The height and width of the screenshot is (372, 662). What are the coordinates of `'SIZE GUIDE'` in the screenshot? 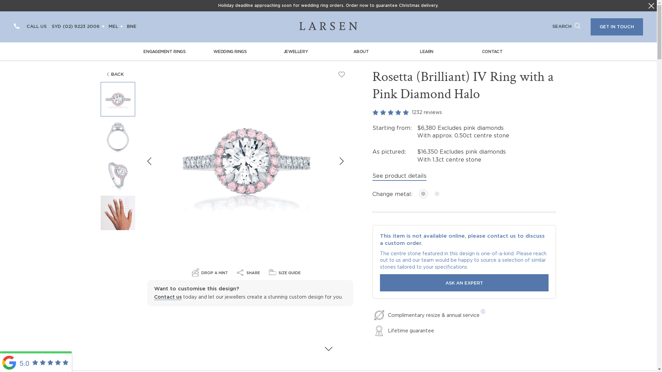 It's located at (284, 272).